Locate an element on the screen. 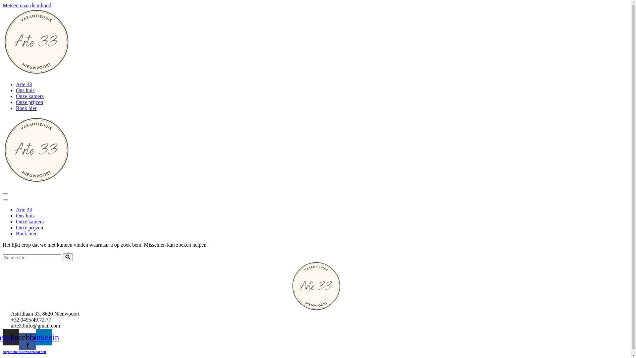  'Boek hier' is located at coordinates (26, 233).